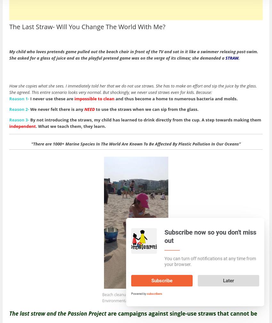 This screenshot has width=272, height=323. Describe the element at coordinates (87, 26) in the screenshot. I see `'The Last Straw- Will You Change The World With Me?'` at that location.